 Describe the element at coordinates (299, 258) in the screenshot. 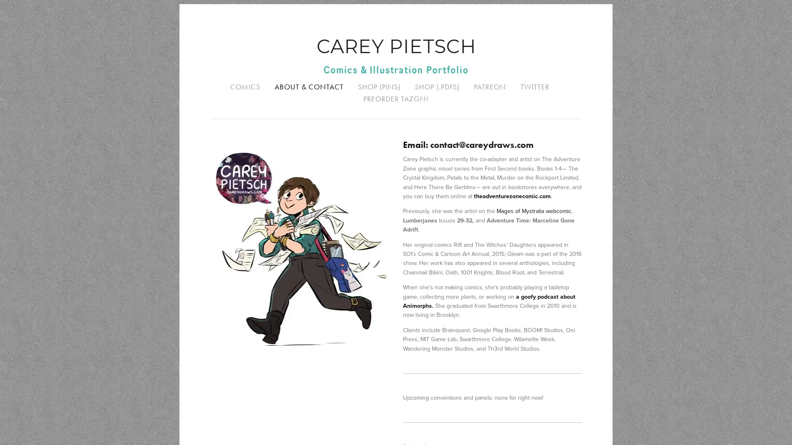

I see `View fullsize` at that location.